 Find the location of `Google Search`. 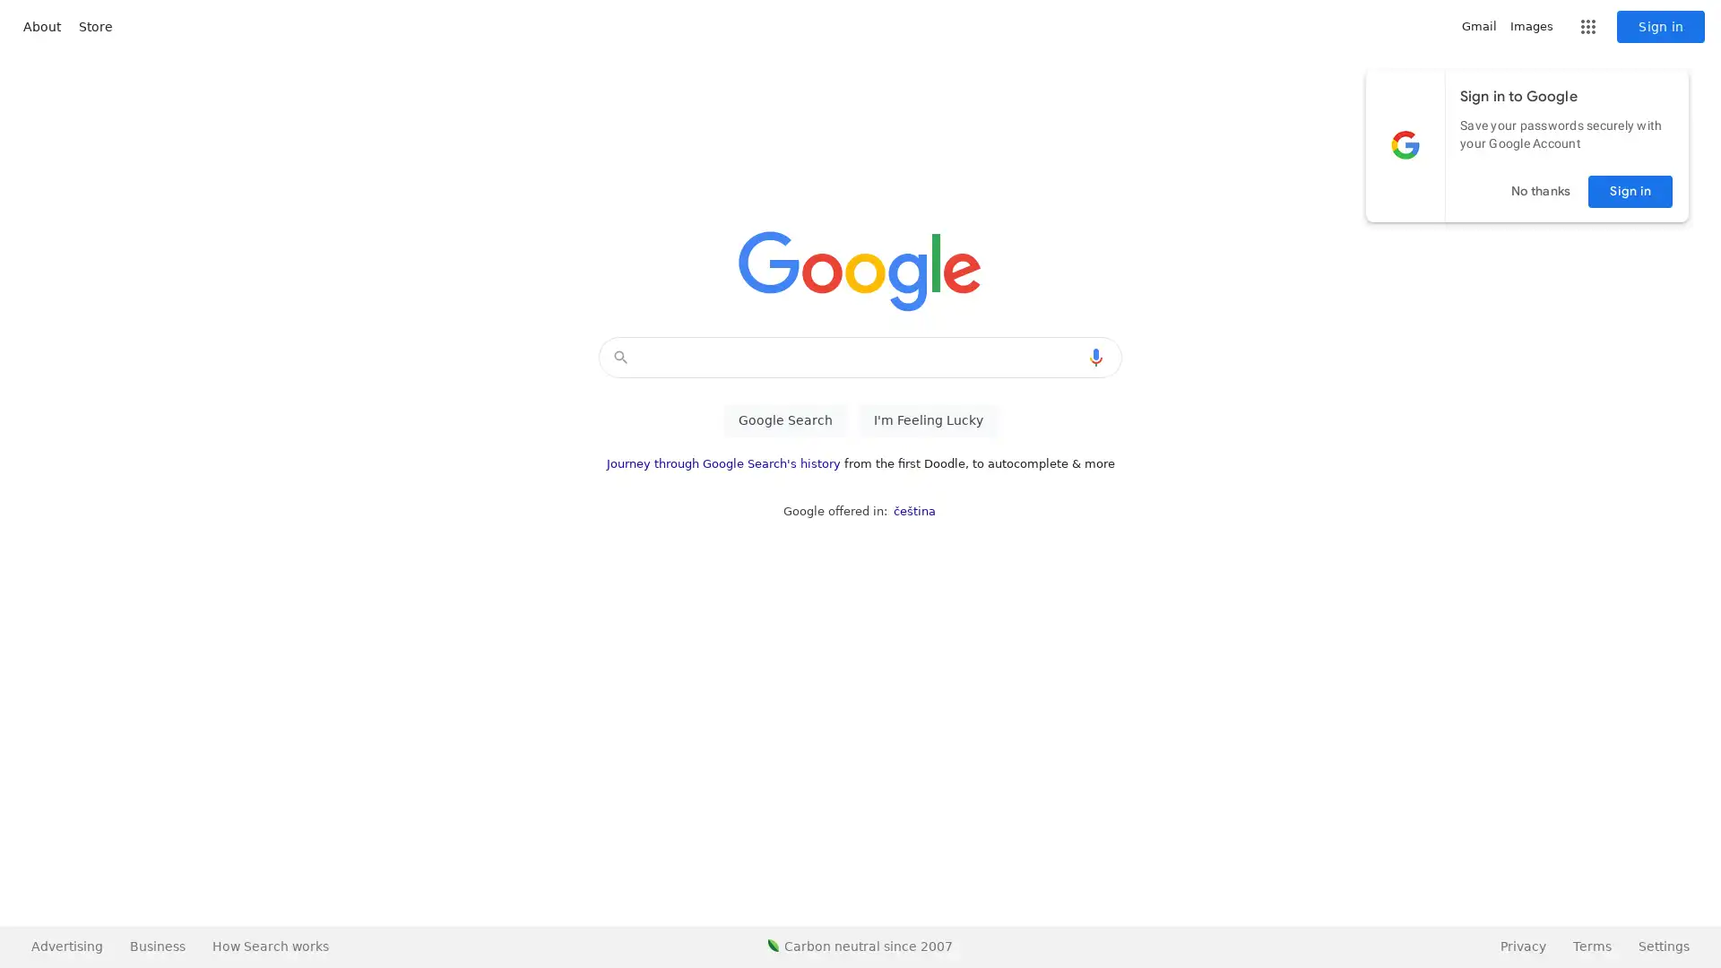

Google Search is located at coordinates (784, 420).